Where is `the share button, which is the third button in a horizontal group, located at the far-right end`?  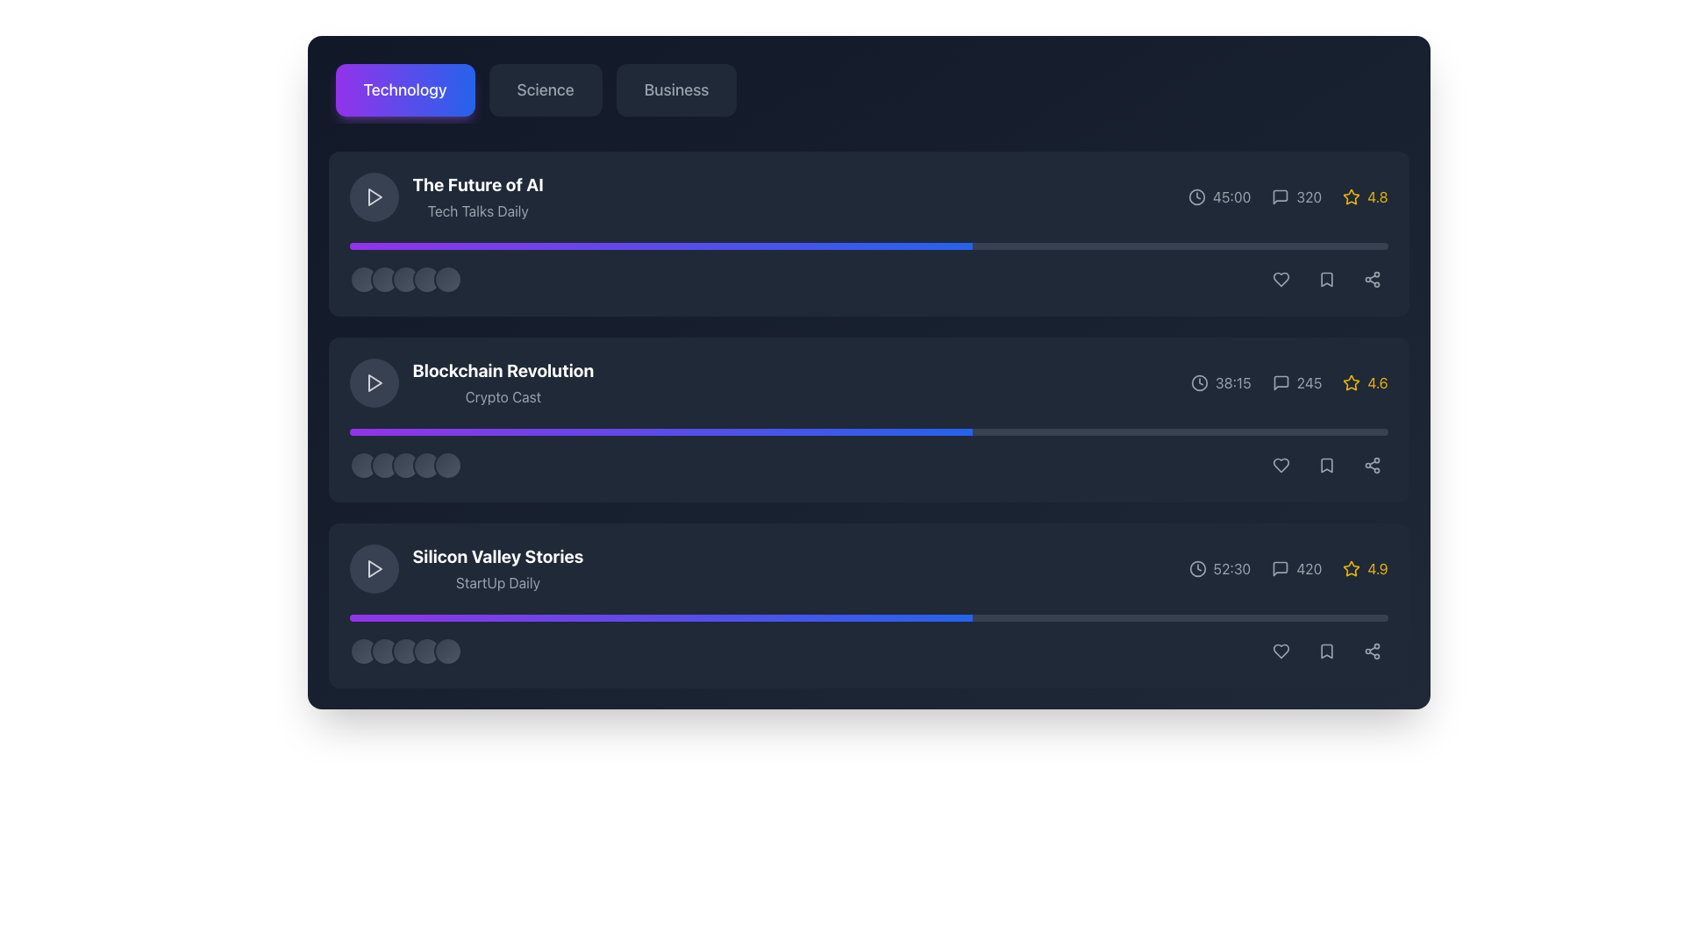
the share button, which is the third button in a horizontal group, located at the far-right end is located at coordinates (1371, 652).